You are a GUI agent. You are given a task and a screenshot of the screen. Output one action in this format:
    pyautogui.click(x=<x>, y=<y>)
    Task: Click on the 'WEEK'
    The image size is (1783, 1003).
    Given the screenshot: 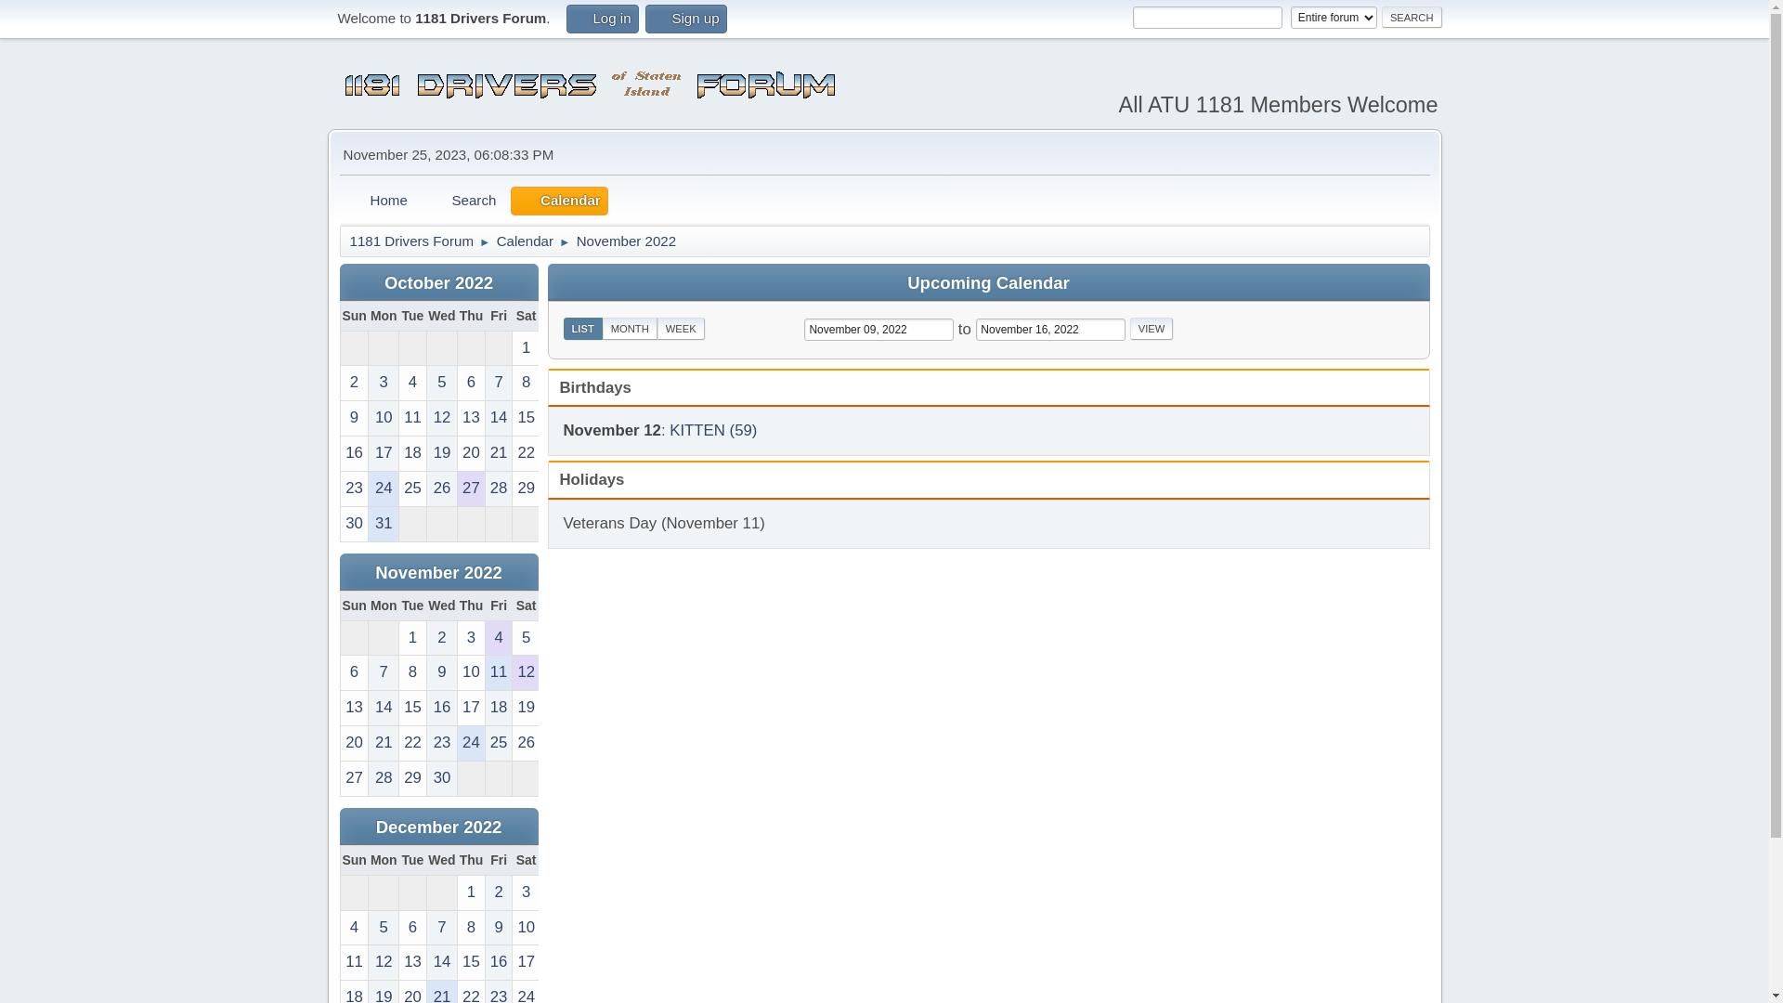 What is the action you would take?
    pyautogui.click(x=657, y=328)
    